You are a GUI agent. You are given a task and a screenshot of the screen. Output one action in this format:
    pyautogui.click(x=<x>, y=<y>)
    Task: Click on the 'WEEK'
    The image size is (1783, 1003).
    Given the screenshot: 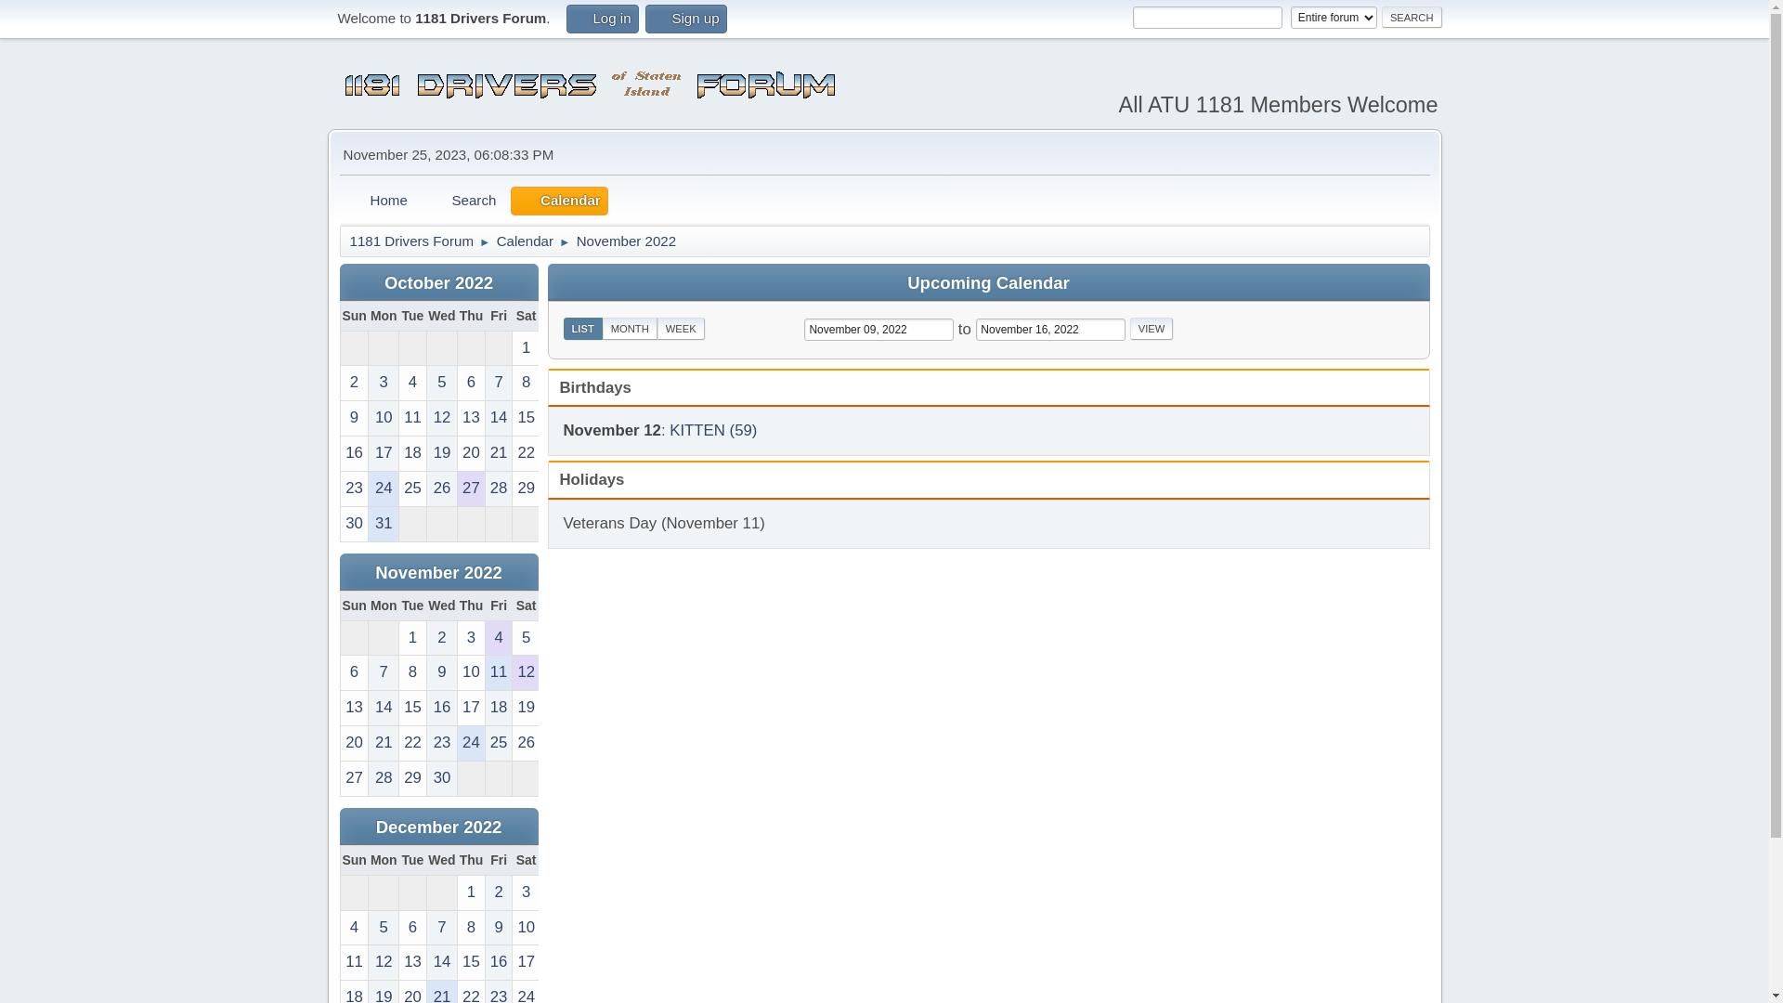 What is the action you would take?
    pyautogui.click(x=657, y=328)
    